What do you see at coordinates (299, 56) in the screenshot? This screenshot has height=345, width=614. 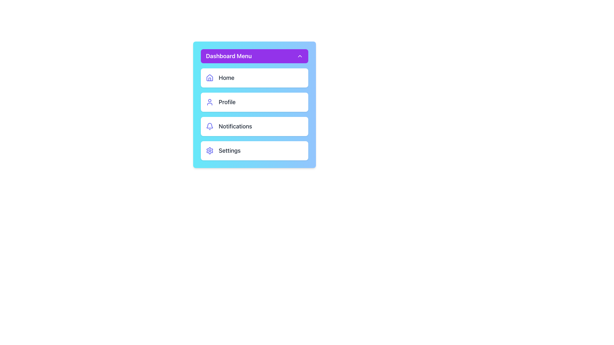 I see `the downward-pointing chevron icon located on the right side of the purple 'Dashboard Menu' bar` at bounding box center [299, 56].